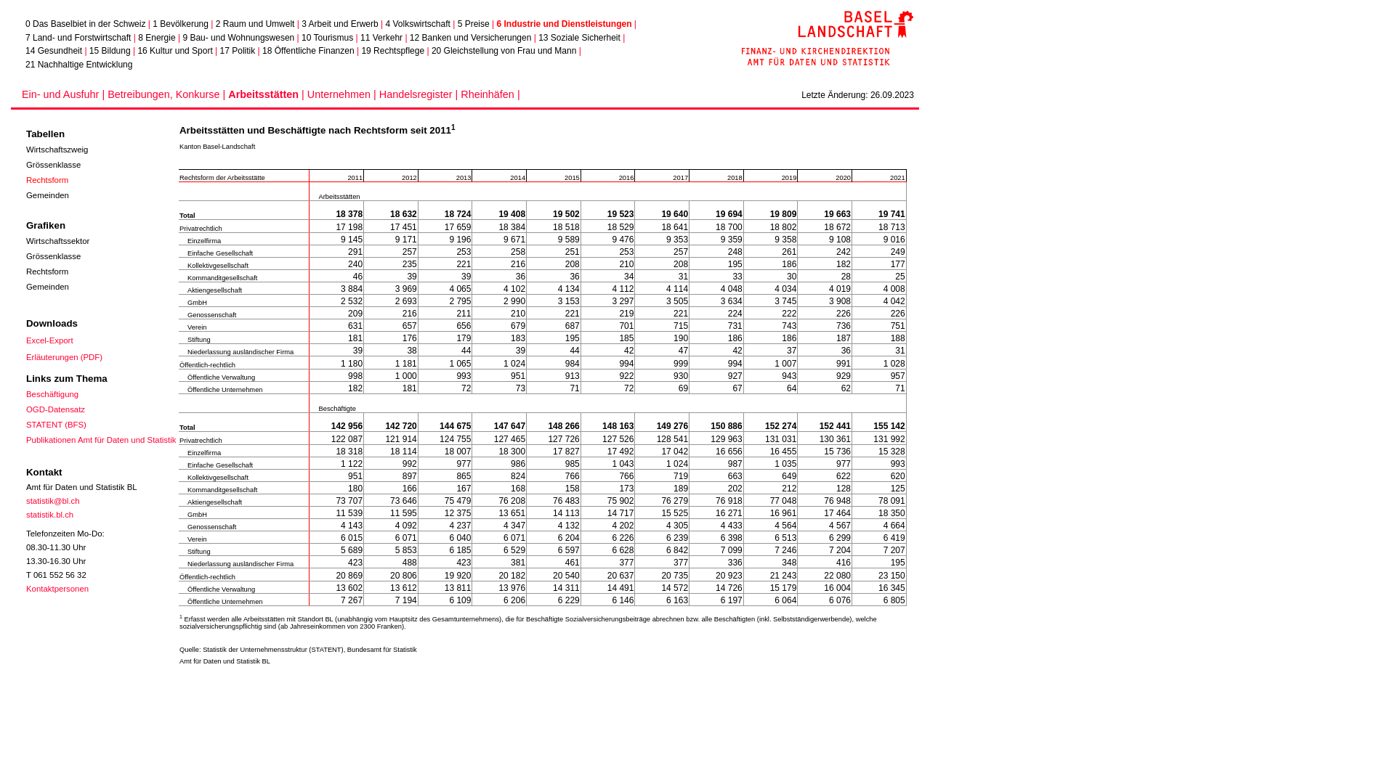  What do you see at coordinates (392, 49) in the screenshot?
I see `'19 Rechtspflege'` at bounding box center [392, 49].